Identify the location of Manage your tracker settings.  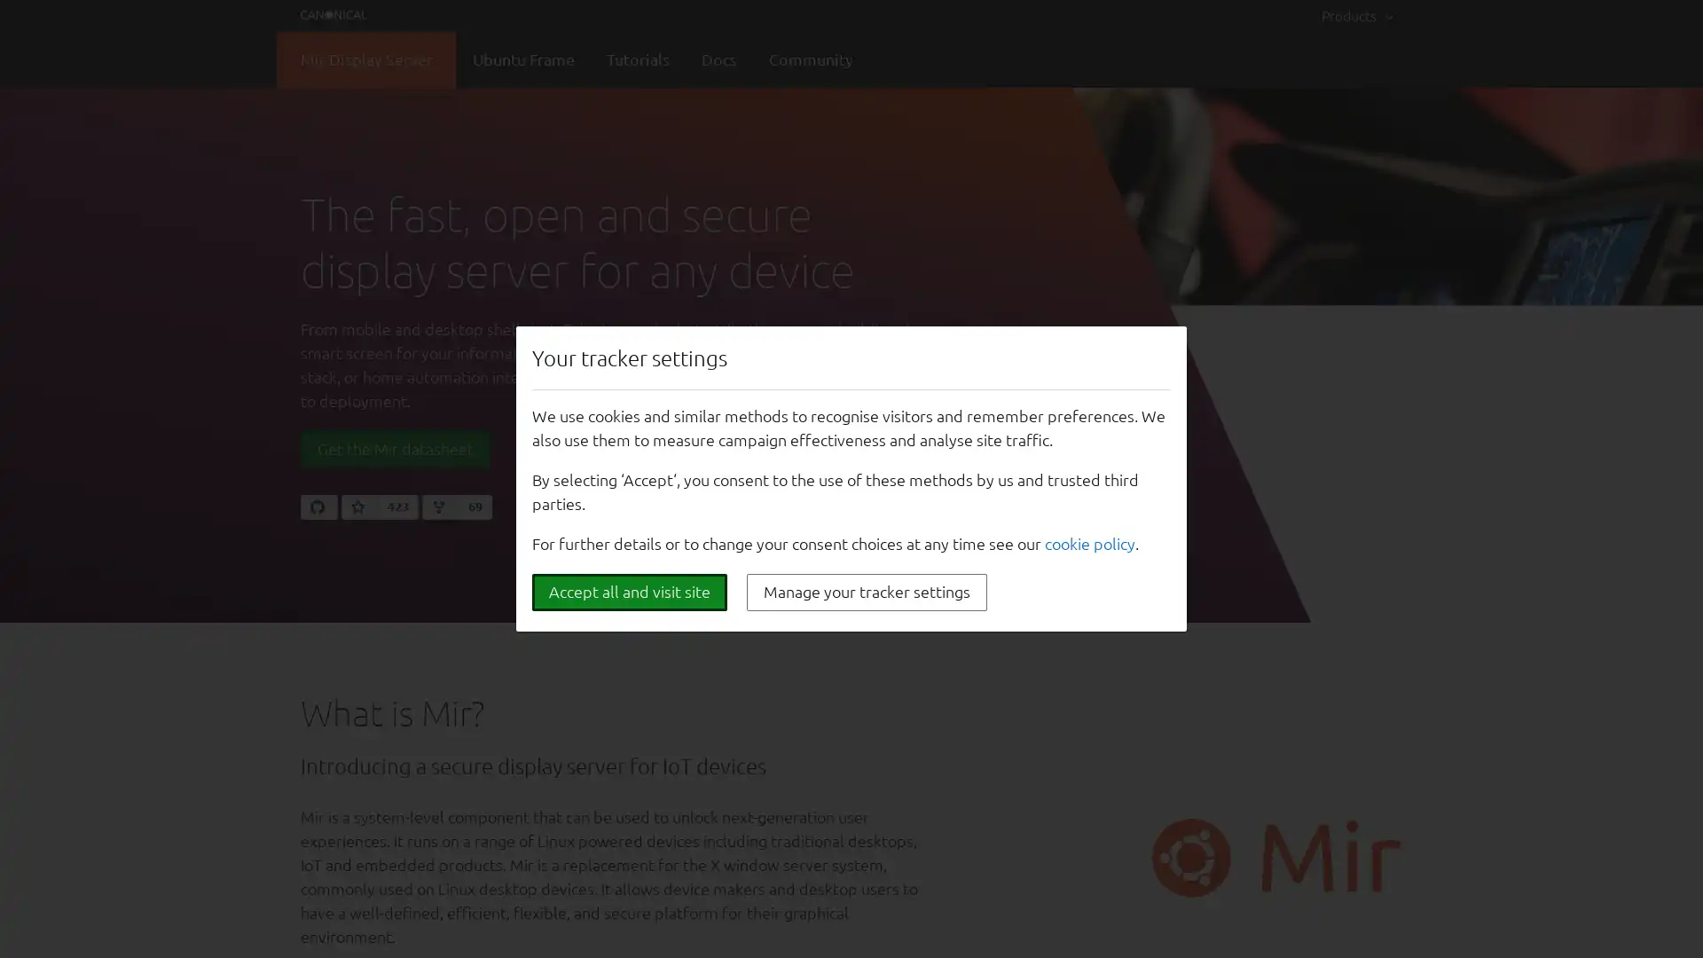
(867, 592).